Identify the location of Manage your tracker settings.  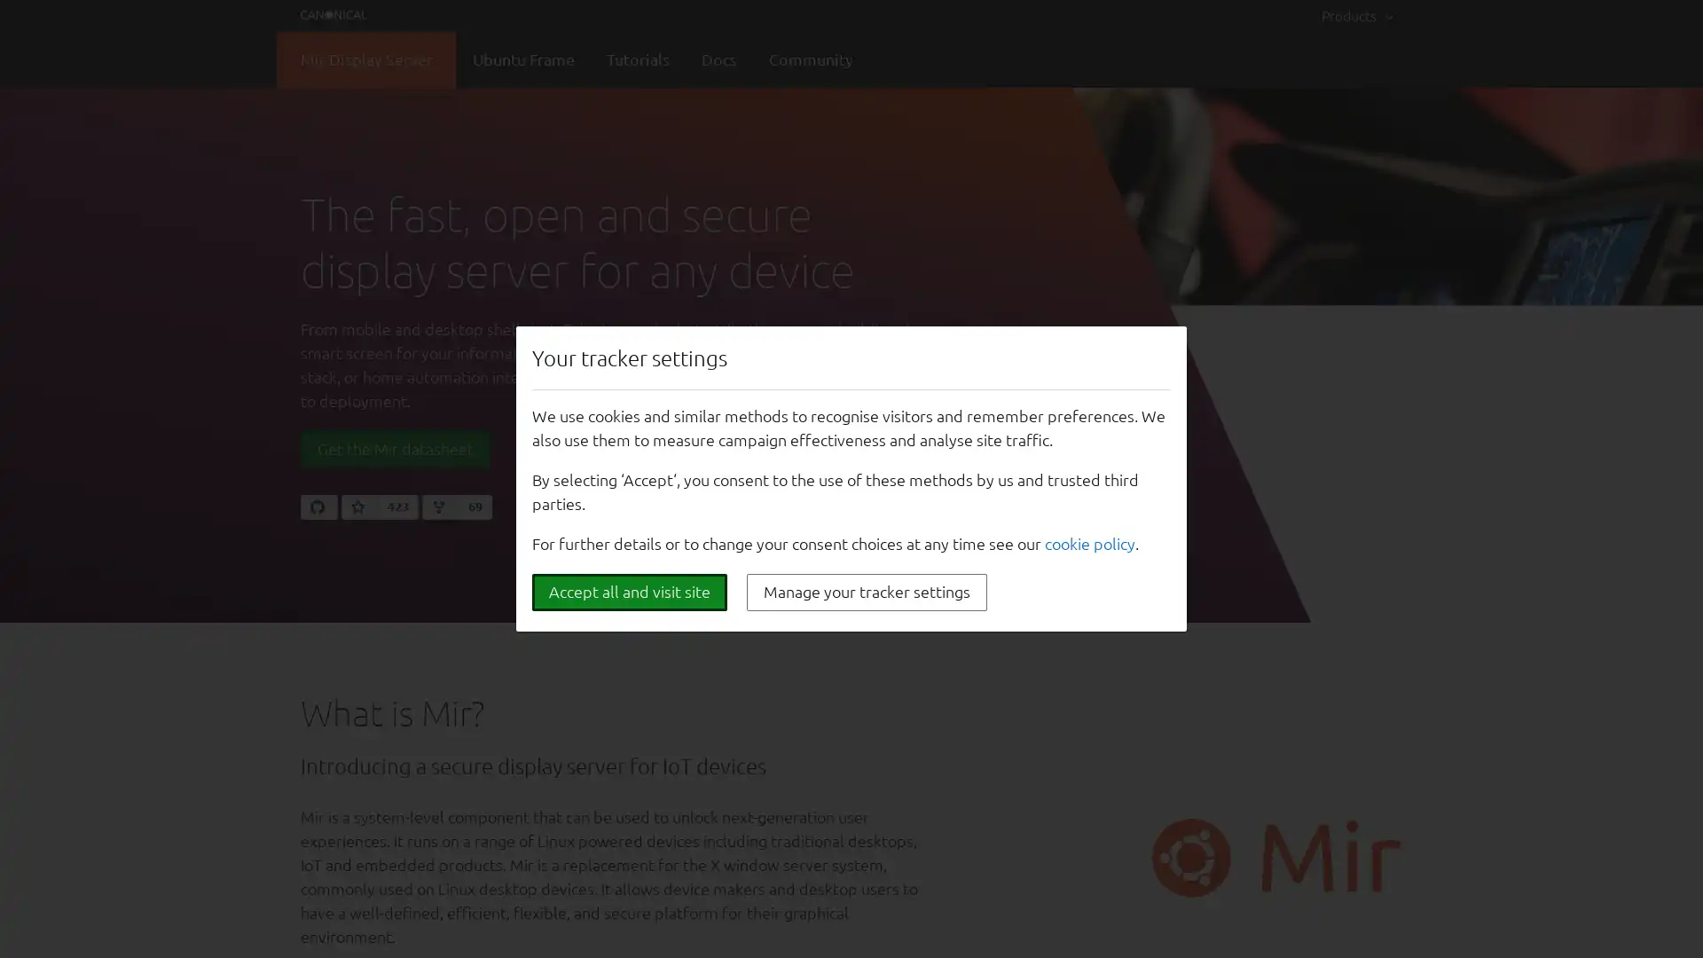
(867, 592).